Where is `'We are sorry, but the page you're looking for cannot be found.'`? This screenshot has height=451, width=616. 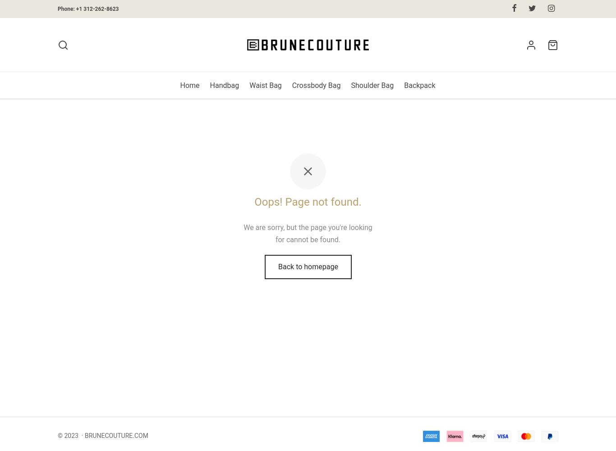 'We are sorry, but the page you're looking for cannot be found.' is located at coordinates (307, 233).